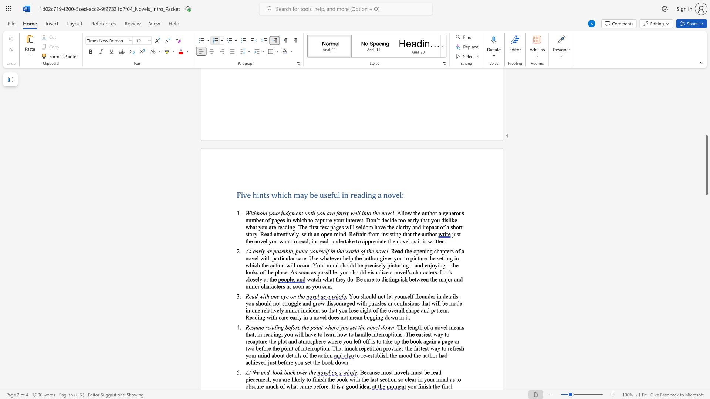  I want to click on the 1th character "h" in the text, so click(430, 386).